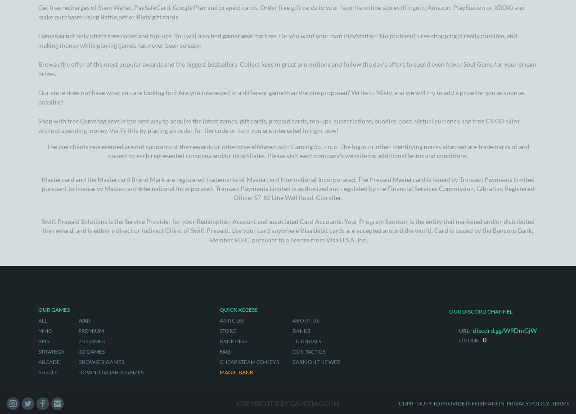  I want to click on 'discord.gg/W9DmGjW', so click(504, 92).